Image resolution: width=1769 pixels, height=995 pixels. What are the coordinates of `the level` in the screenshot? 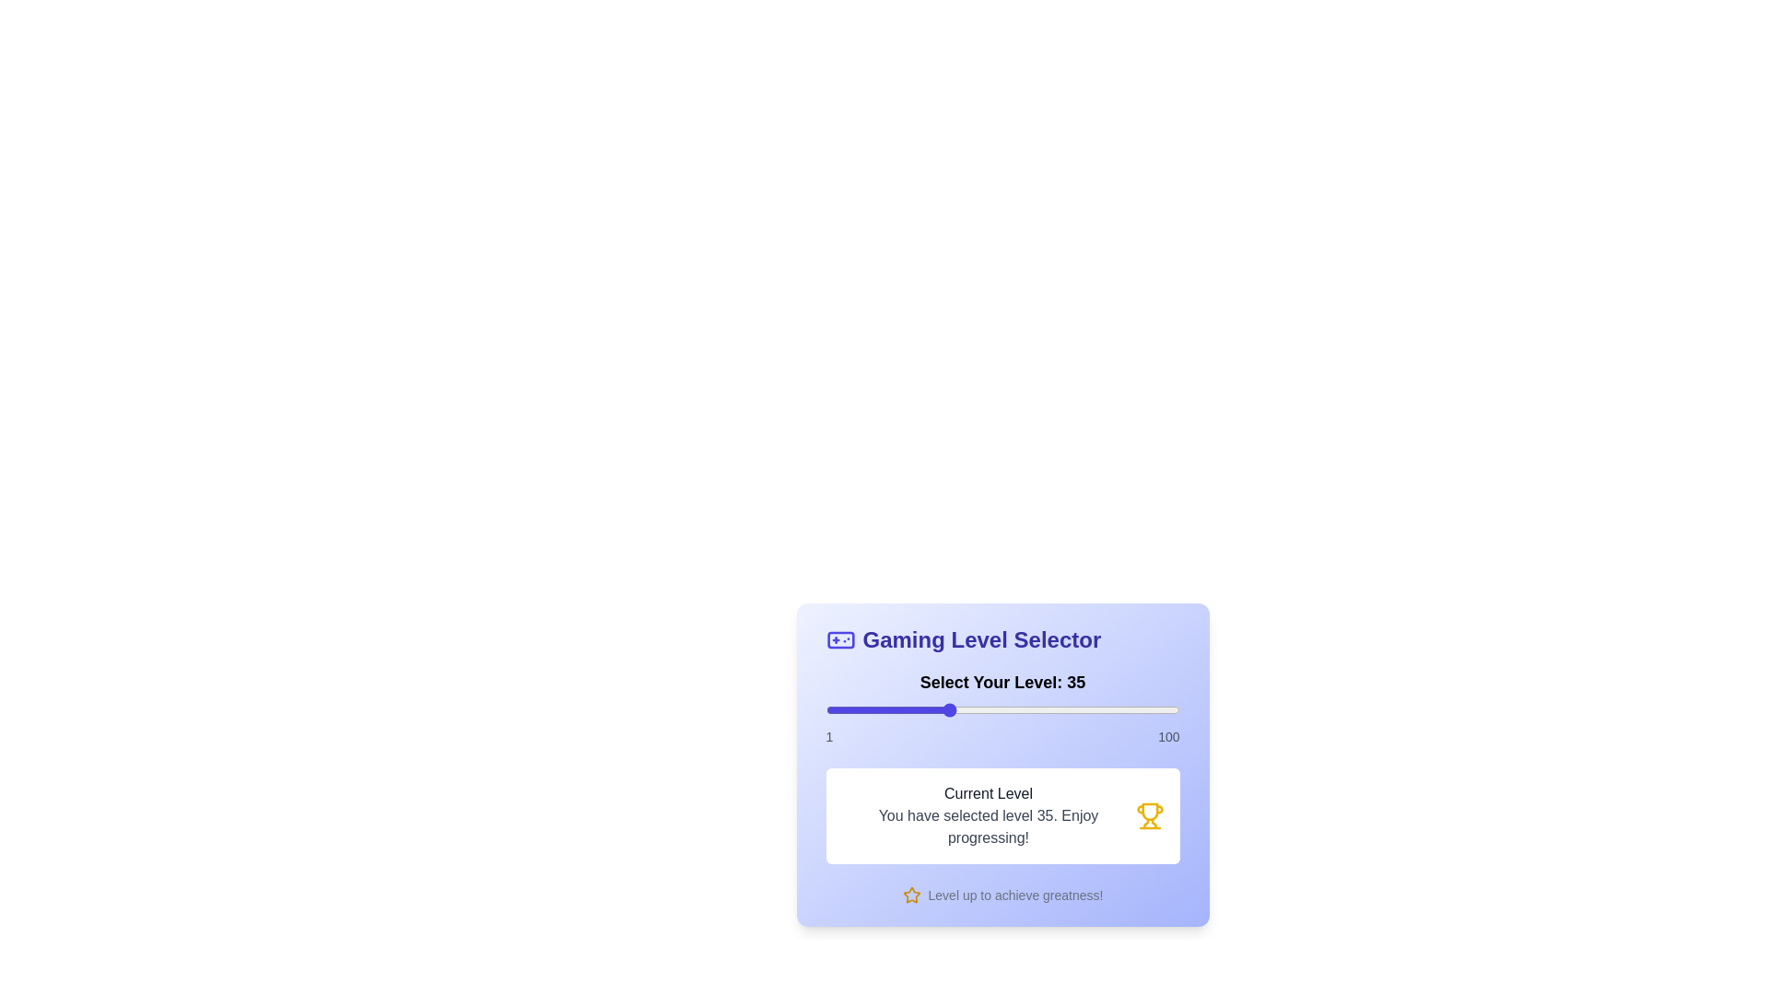 It's located at (964, 709).